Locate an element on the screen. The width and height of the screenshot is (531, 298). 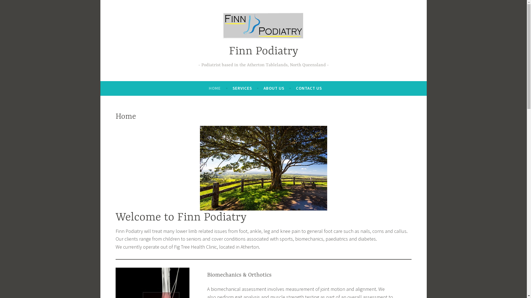
'HOME' is located at coordinates (214, 88).